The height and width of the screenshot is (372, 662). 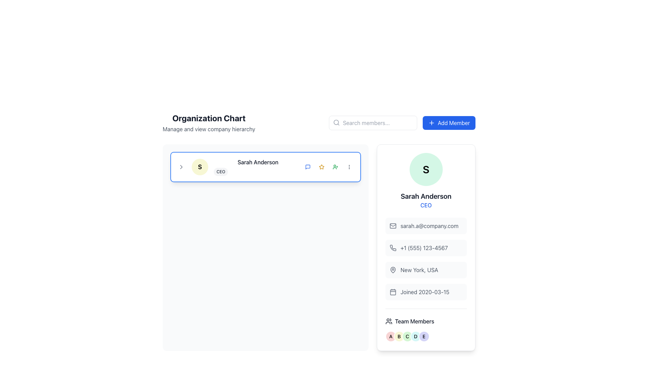 I want to click on the circular badge with the letter 'B' displayed in the center, which is the second badge in a horizontal series of five, styled with a light yellow background and white border, located in the 'Team Members' section, so click(x=399, y=336).